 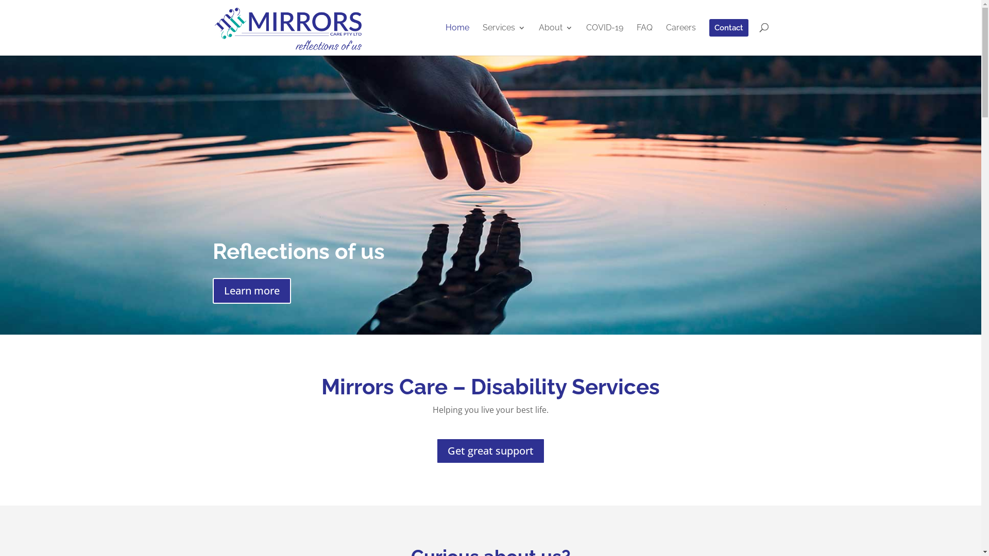 I want to click on 'Careers', so click(x=680, y=39).